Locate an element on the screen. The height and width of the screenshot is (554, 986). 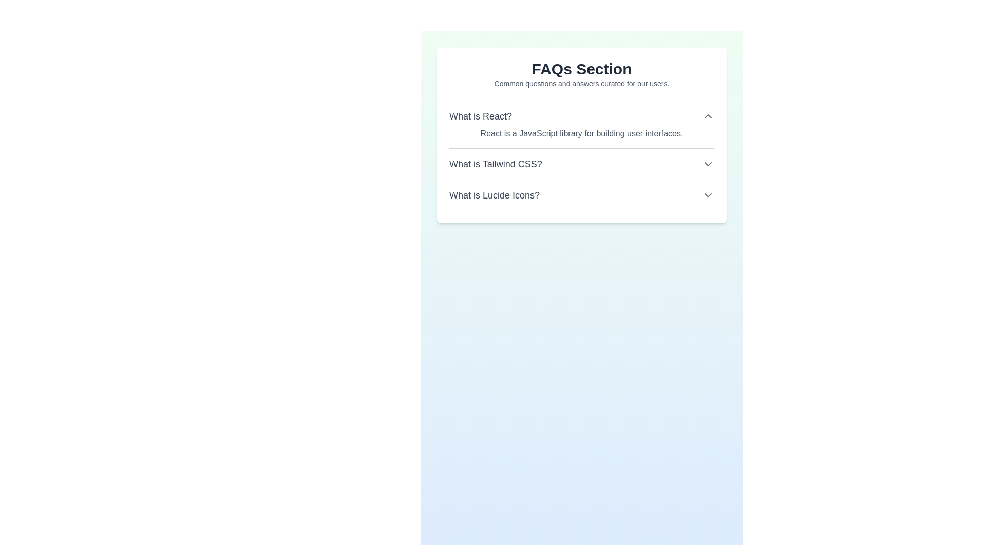
the chevron icon pointing downward located in the 'FAQs Section' card next to the text 'What is Tailwind CSS?' is located at coordinates (707, 164).